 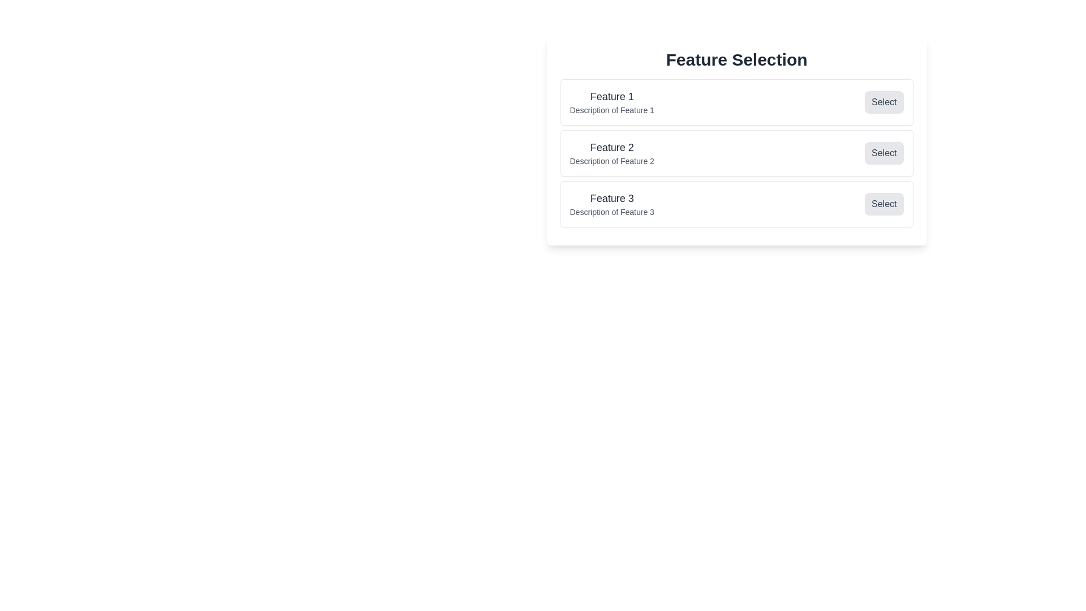 What do you see at coordinates (611, 204) in the screenshot?
I see `the Label with Description for 'Feature 3' located in the third row of the vertically stacked list, positioned to the left of the 'Select' button` at bounding box center [611, 204].